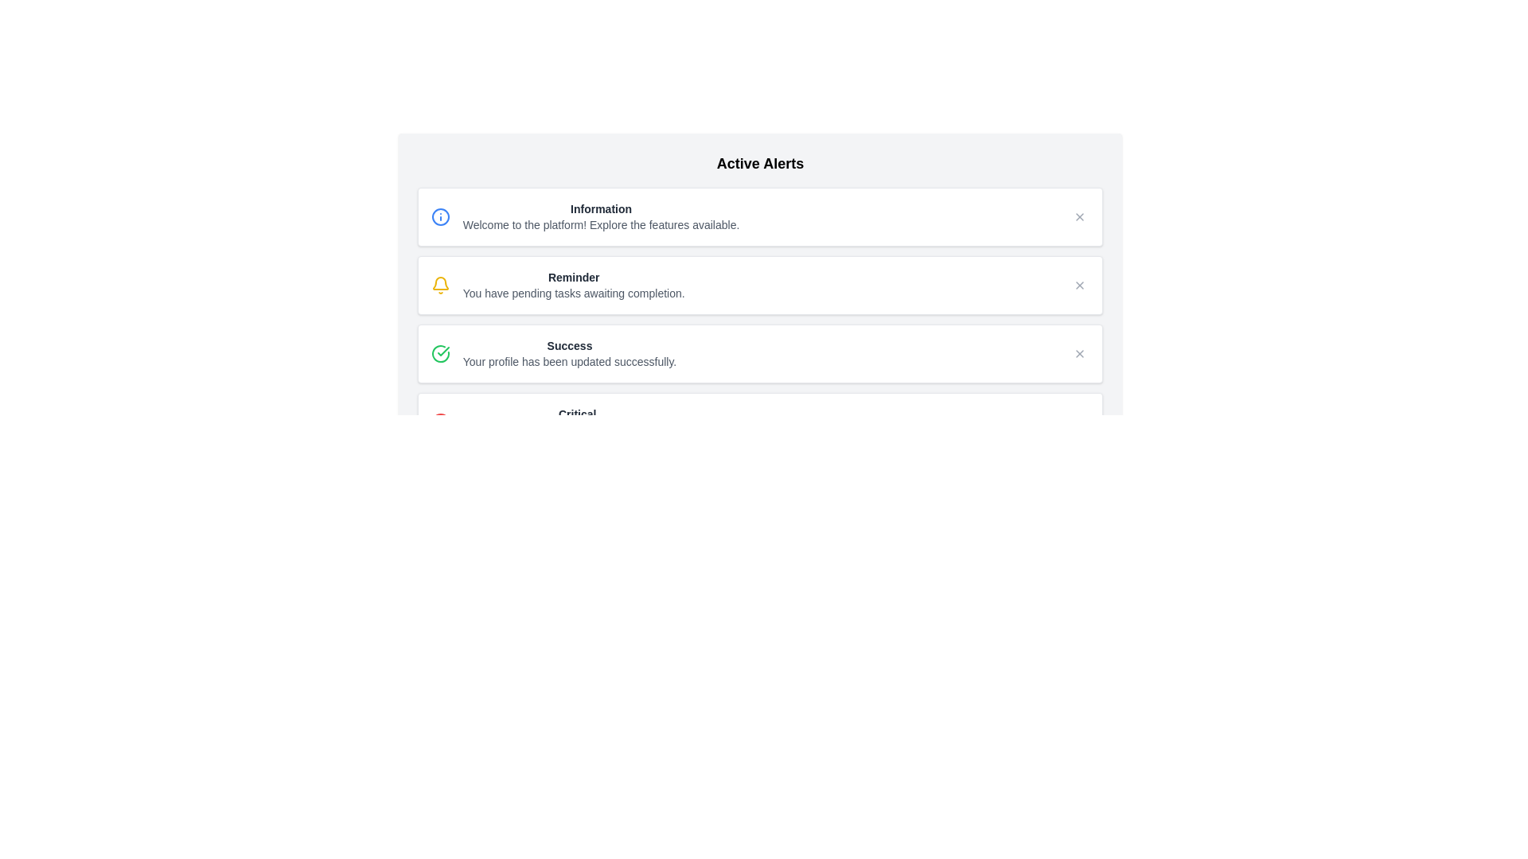  I want to click on the checkmark icon contained within a green circular border in the 'Success' notification section, so click(443, 351).